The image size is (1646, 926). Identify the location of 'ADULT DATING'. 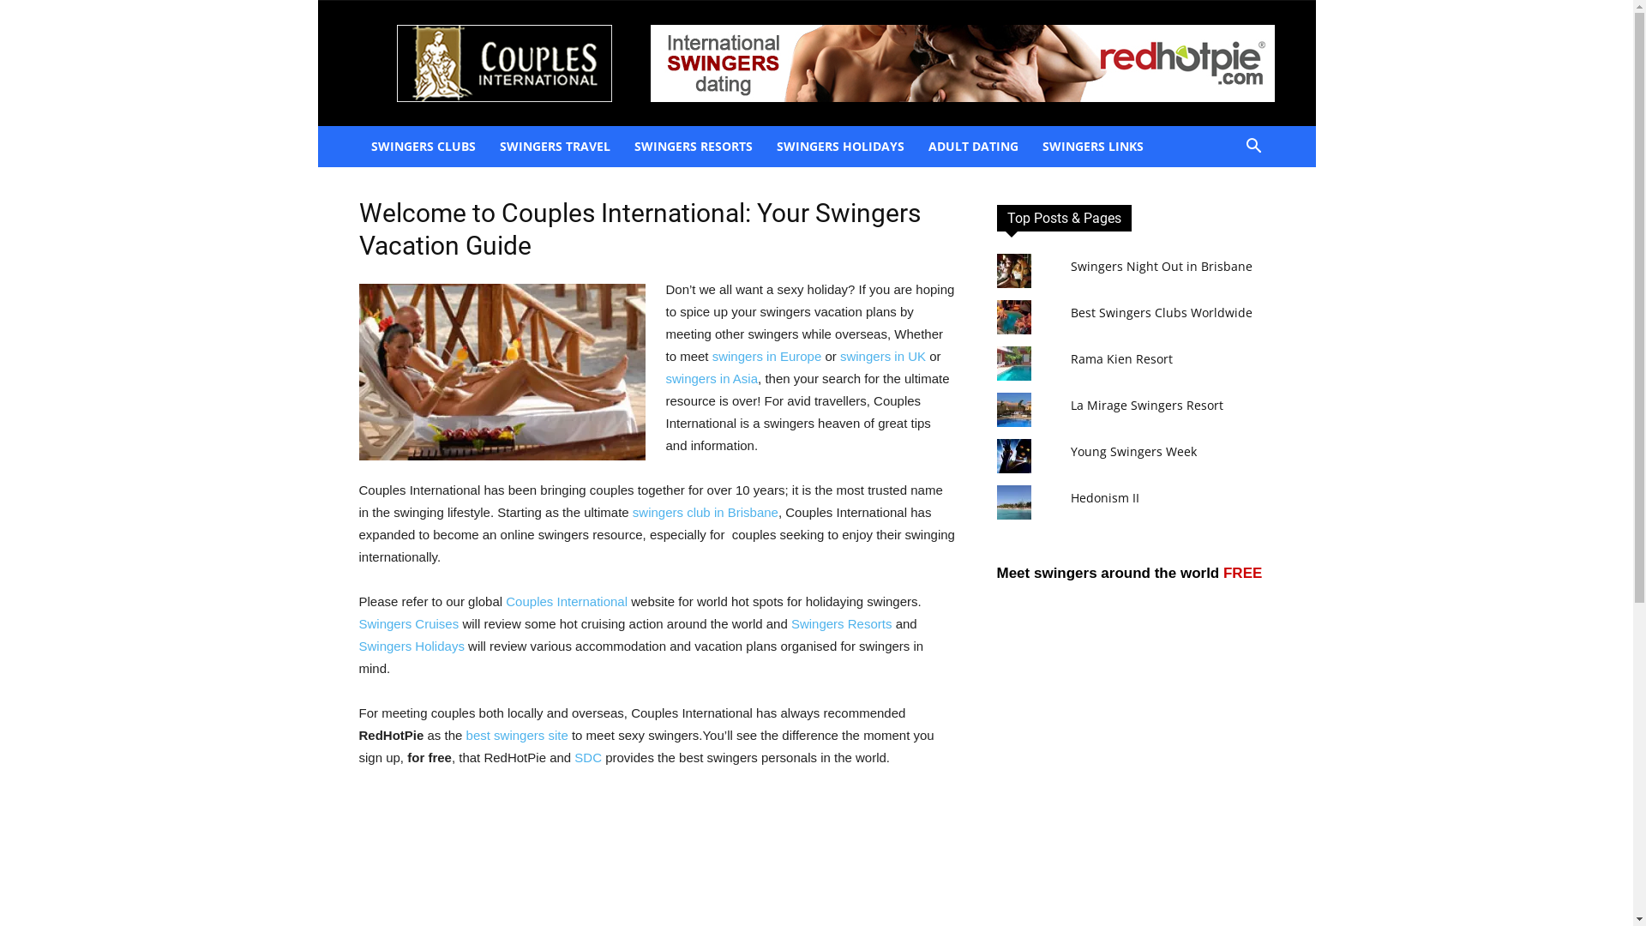
(915, 145).